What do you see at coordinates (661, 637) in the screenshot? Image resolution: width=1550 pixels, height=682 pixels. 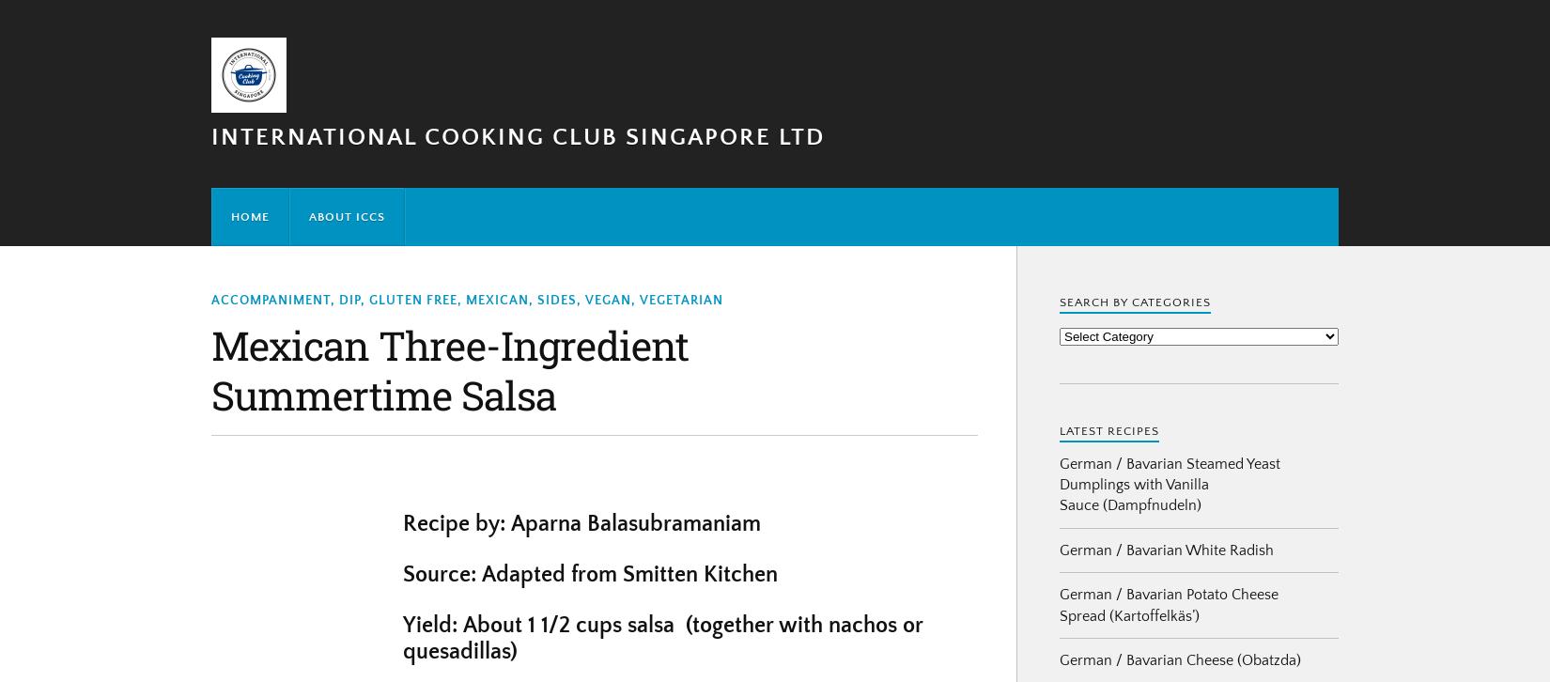 I see `'Yield: About 1 1/2 cups salsa  (together with nachos or quesadillas)'` at bounding box center [661, 637].